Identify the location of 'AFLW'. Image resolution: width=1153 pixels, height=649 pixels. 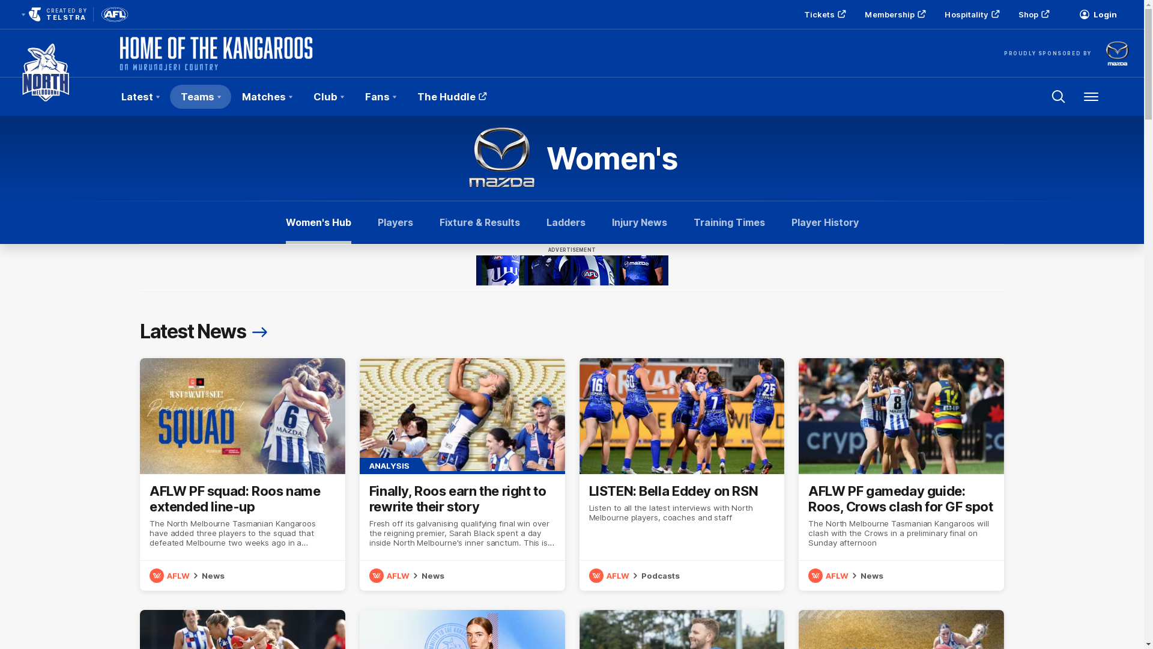
(829, 574).